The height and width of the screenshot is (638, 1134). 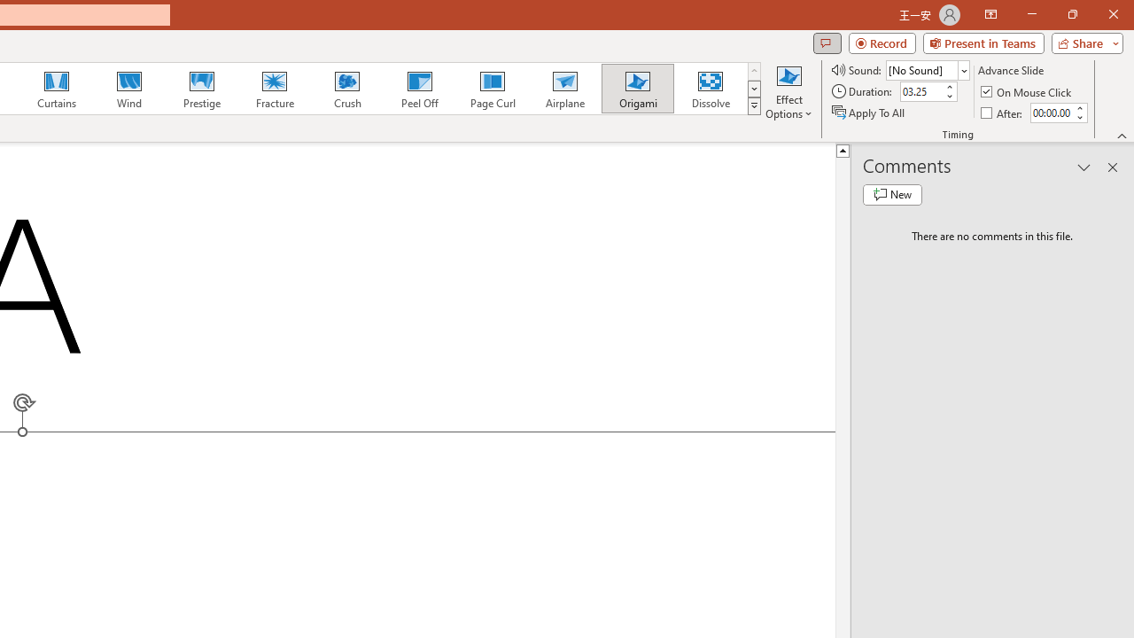 What do you see at coordinates (869, 113) in the screenshot?
I see `'Apply To All'` at bounding box center [869, 113].